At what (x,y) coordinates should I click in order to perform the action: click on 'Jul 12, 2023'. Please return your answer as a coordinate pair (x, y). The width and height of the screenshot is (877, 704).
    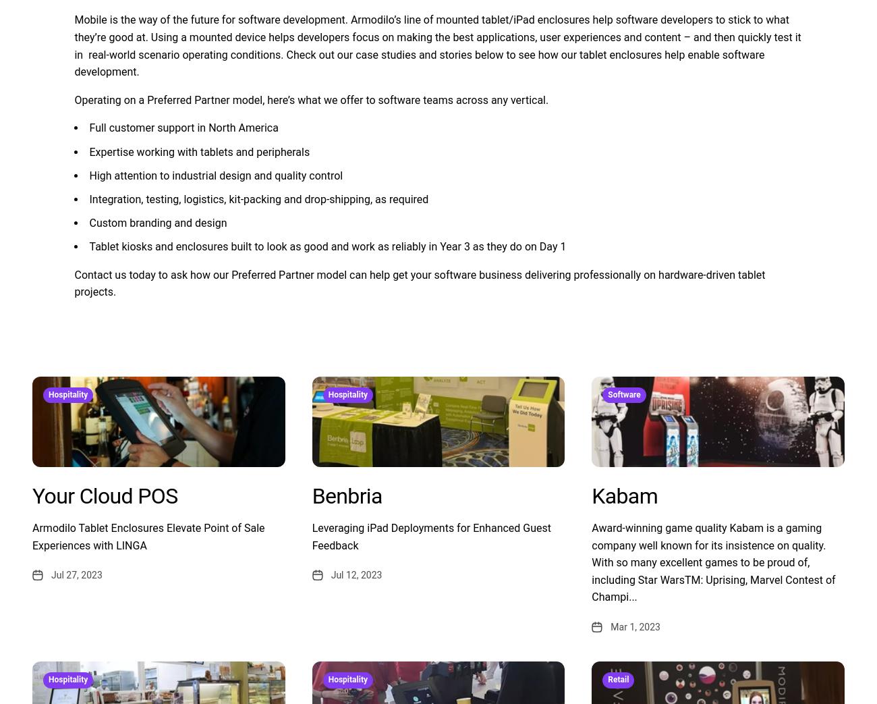
    Looking at the image, I should click on (330, 575).